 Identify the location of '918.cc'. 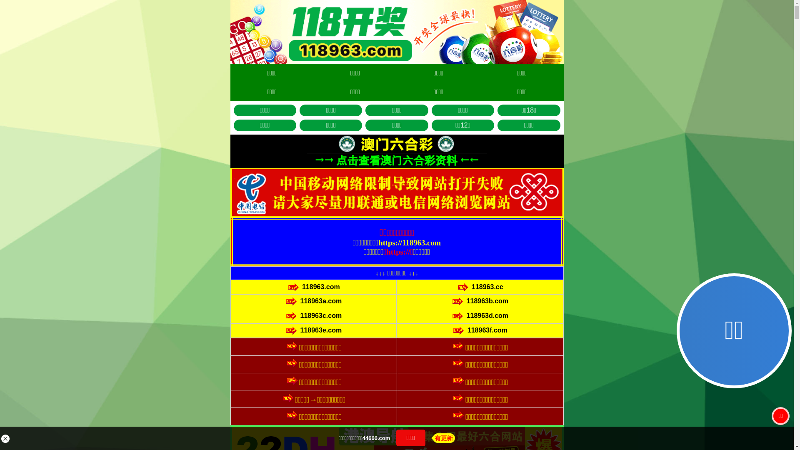
(432, 302).